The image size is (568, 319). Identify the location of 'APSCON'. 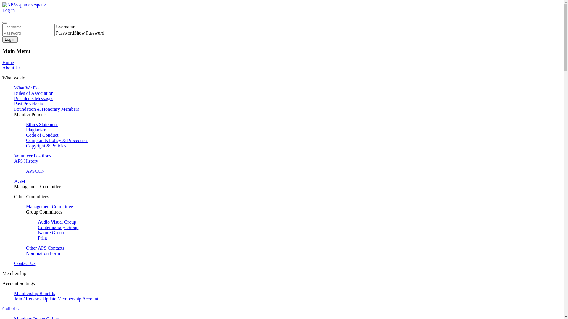
(35, 171).